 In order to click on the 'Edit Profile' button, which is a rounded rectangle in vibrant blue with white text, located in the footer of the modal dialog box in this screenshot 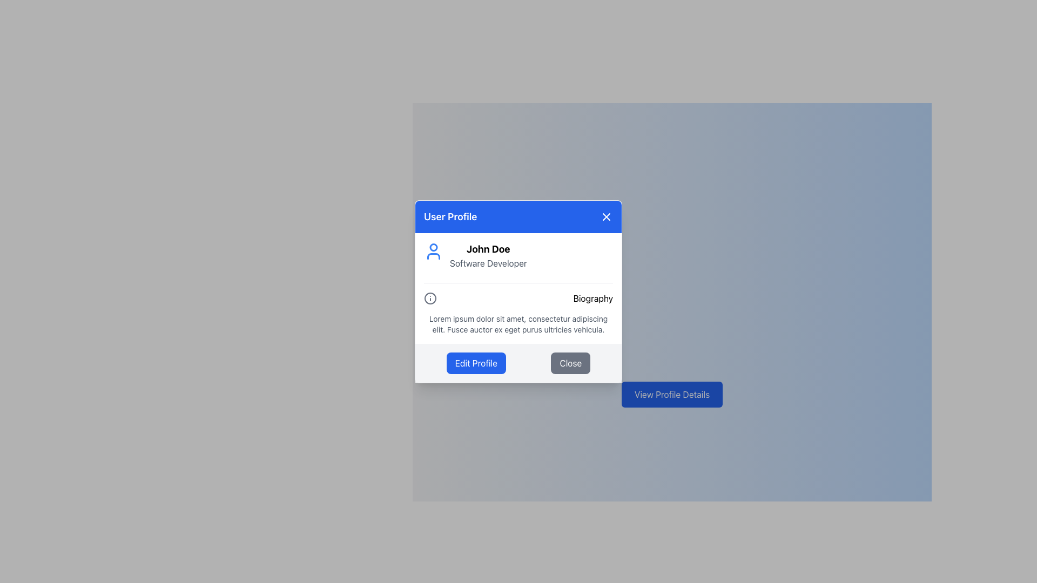, I will do `click(475, 363)`.